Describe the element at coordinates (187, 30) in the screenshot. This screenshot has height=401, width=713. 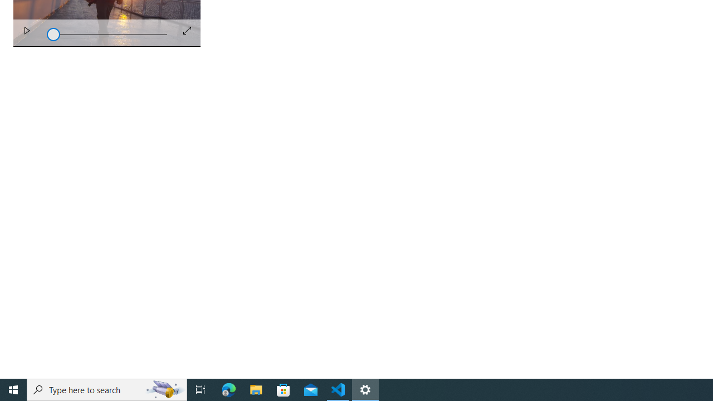
I see `'Full Screen'` at that location.